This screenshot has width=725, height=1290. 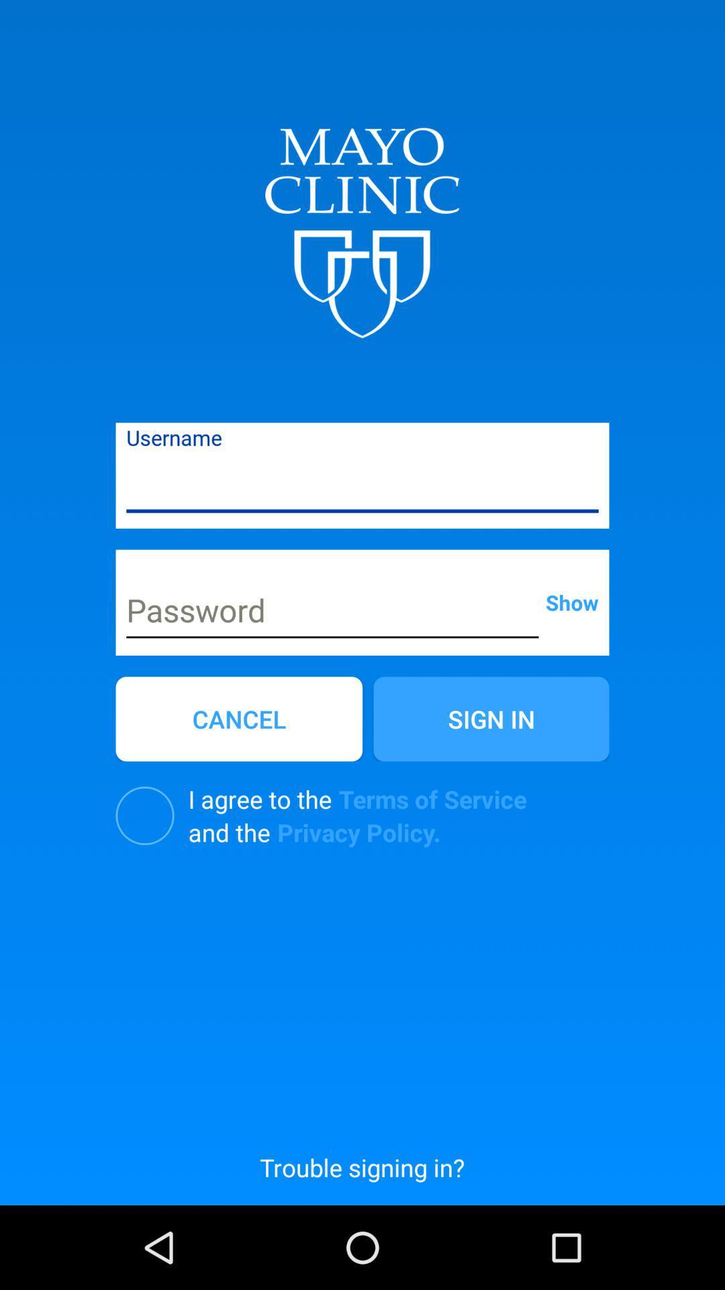 What do you see at coordinates (145, 815) in the screenshot?
I see `t c agreed icon` at bounding box center [145, 815].